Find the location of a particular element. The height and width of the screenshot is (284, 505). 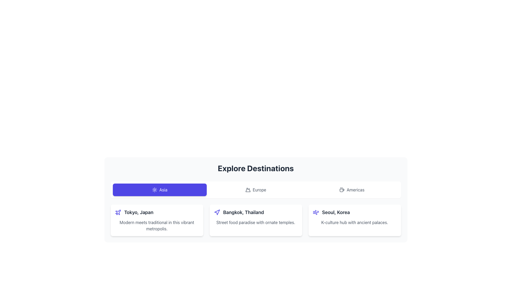

the 'Asia' region label text which is located within the first purple button in the horizontal list of region selectors is located at coordinates (163, 190).